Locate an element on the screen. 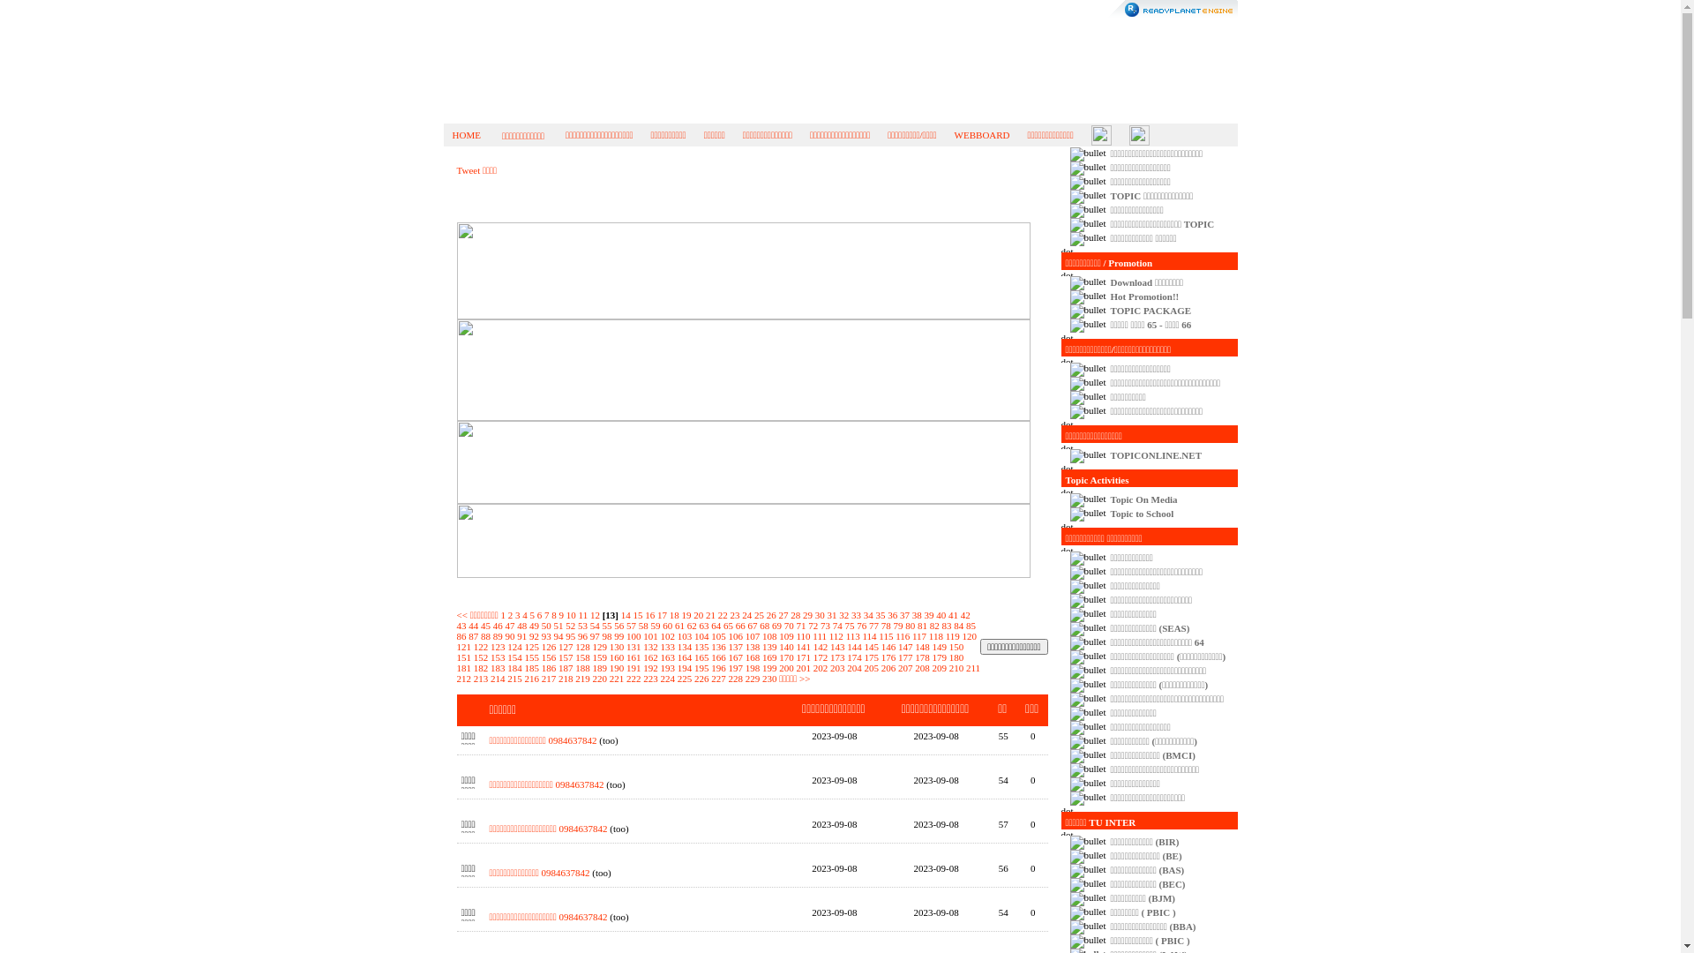  '9' is located at coordinates (561, 614).